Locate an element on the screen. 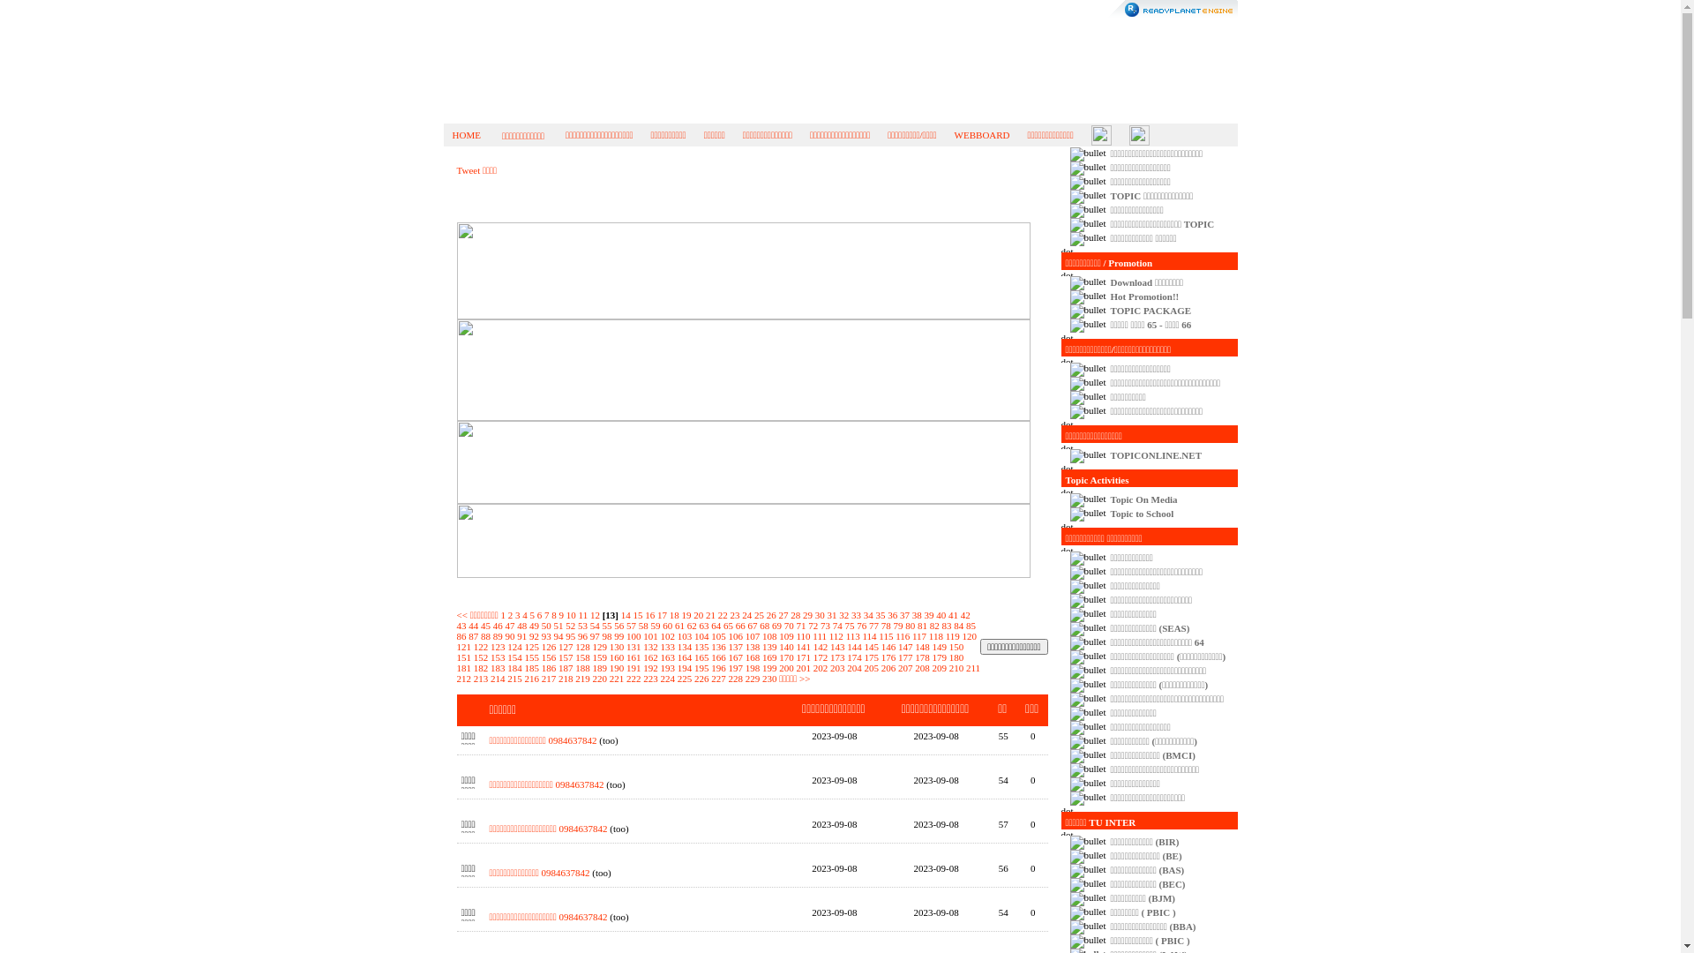  '9' is located at coordinates (561, 614).